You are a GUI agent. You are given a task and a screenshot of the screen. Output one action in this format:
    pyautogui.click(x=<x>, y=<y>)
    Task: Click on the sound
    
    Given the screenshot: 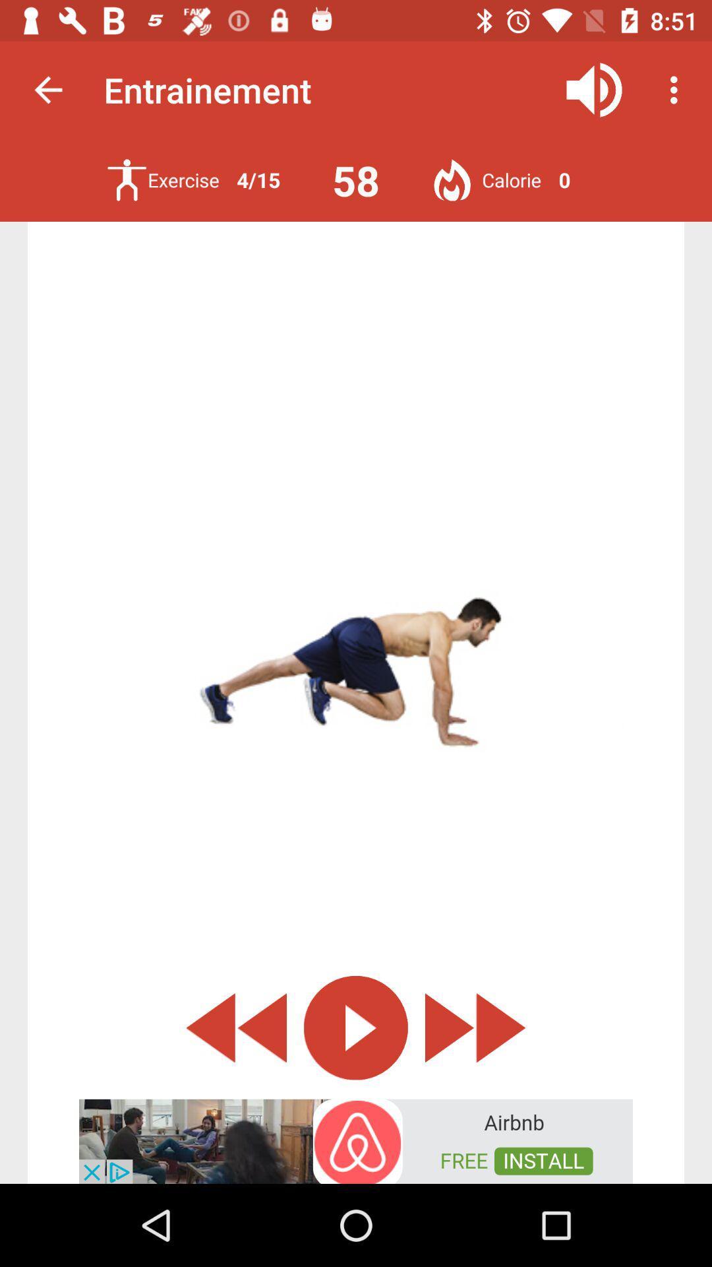 What is the action you would take?
    pyautogui.click(x=594, y=89)
    